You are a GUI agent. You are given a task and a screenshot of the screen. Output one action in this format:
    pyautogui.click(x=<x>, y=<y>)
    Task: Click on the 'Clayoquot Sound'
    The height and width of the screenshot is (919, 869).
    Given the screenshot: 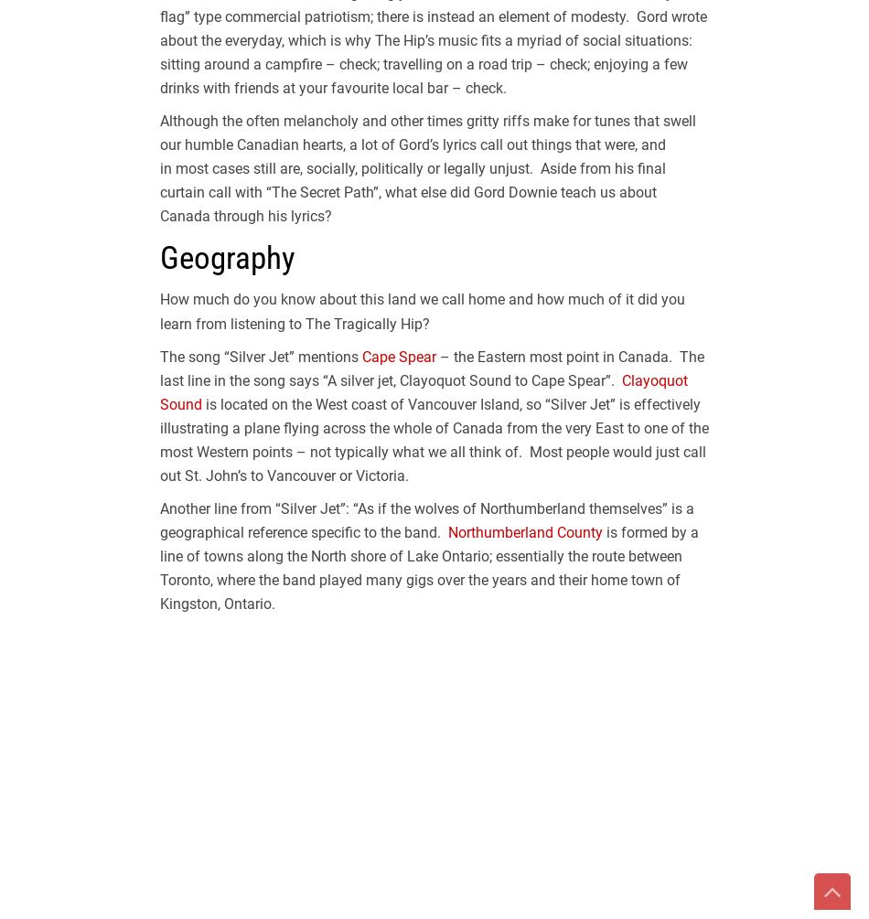 What is the action you would take?
    pyautogui.click(x=423, y=391)
    